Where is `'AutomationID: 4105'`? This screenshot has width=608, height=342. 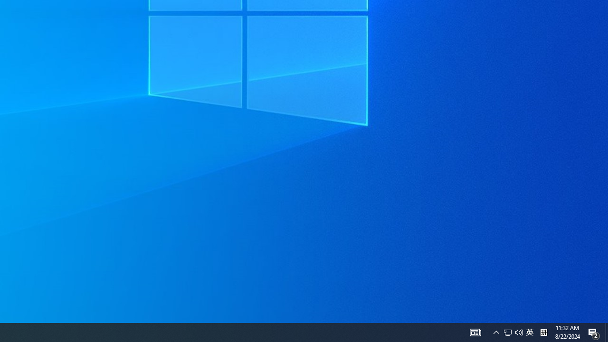 'AutomationID: 4105' is located at coordinates (475, 332).